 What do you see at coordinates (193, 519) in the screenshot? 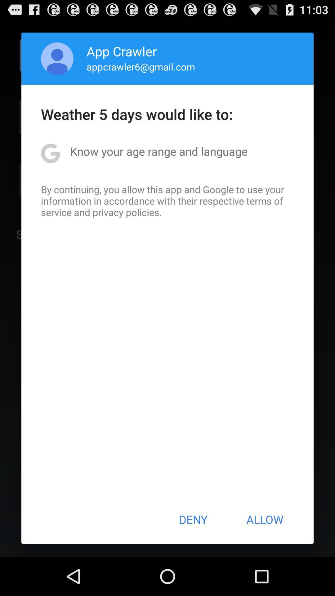
I see `the button at the bottom` at bounding box center [193, 519].